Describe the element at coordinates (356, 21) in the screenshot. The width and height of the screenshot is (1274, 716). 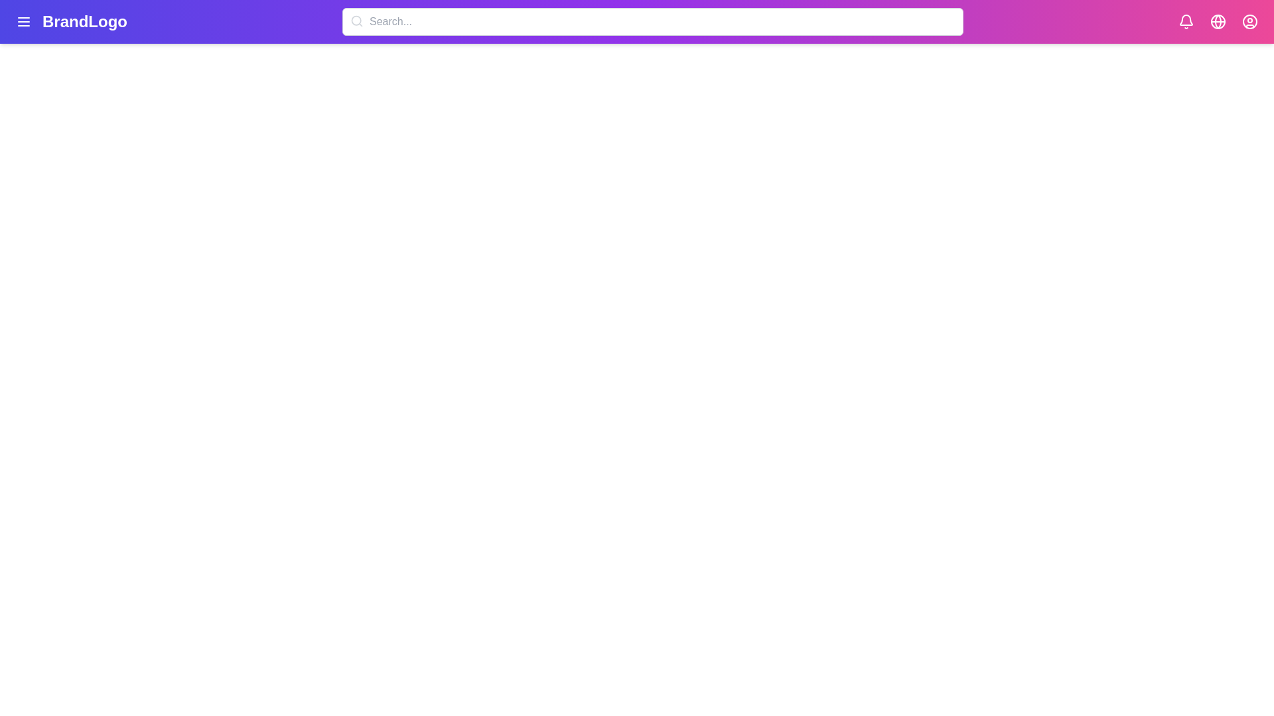
I see `the SVG Circle Element representing the circular lens of the magnifying glass in the search bar area` at that location.